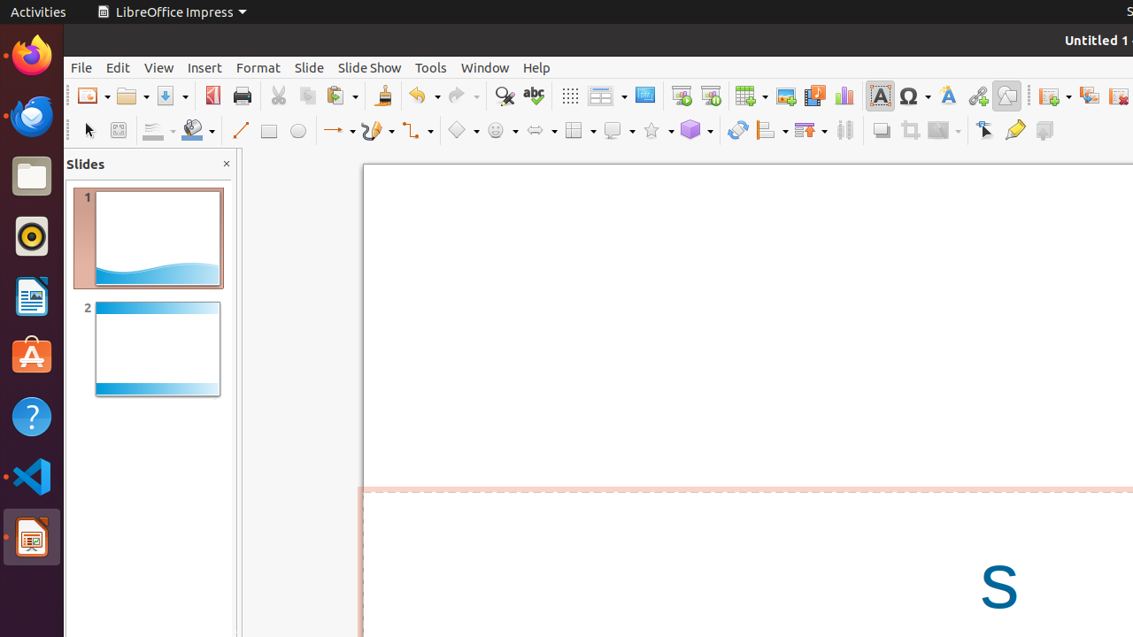 The height and width of the screenshot is (637, 1133). I want to click on 'Table', so click(751, 96).